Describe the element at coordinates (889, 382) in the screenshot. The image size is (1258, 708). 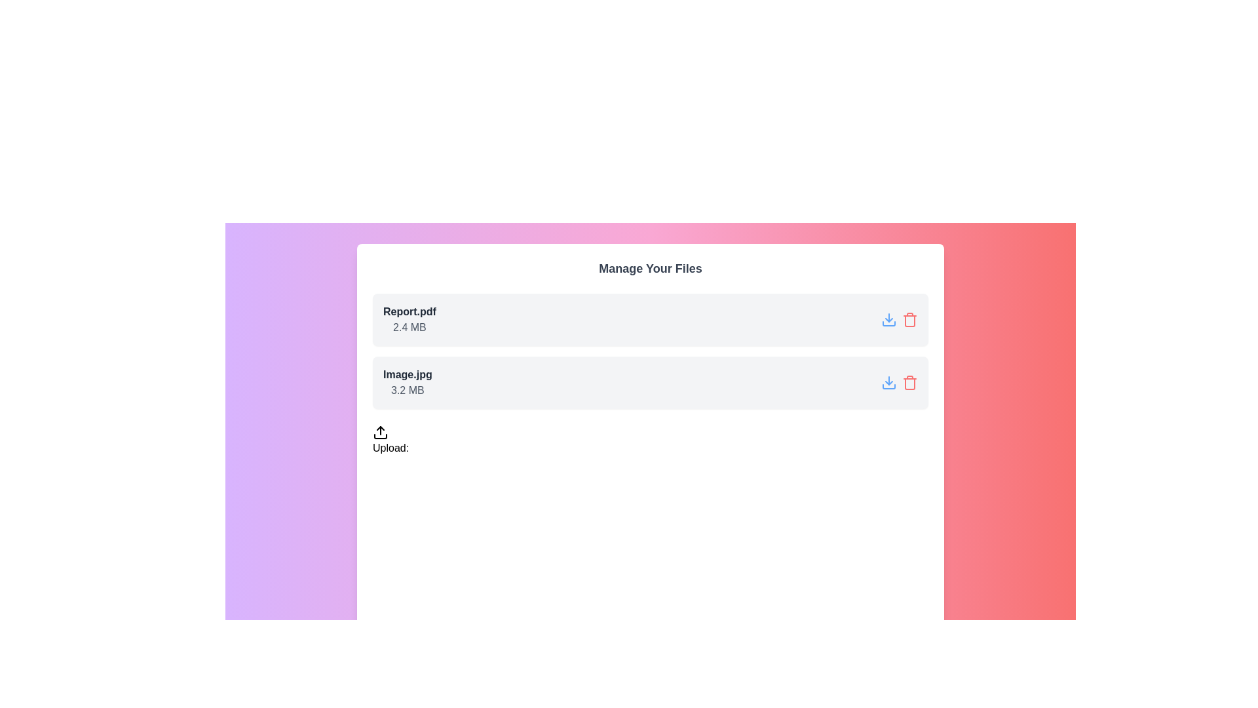
I see `the download button, which is a blue download icon with a downward-facing arrow, located to the right of the 'Image.jpg 3.2 MB' label` at that location.